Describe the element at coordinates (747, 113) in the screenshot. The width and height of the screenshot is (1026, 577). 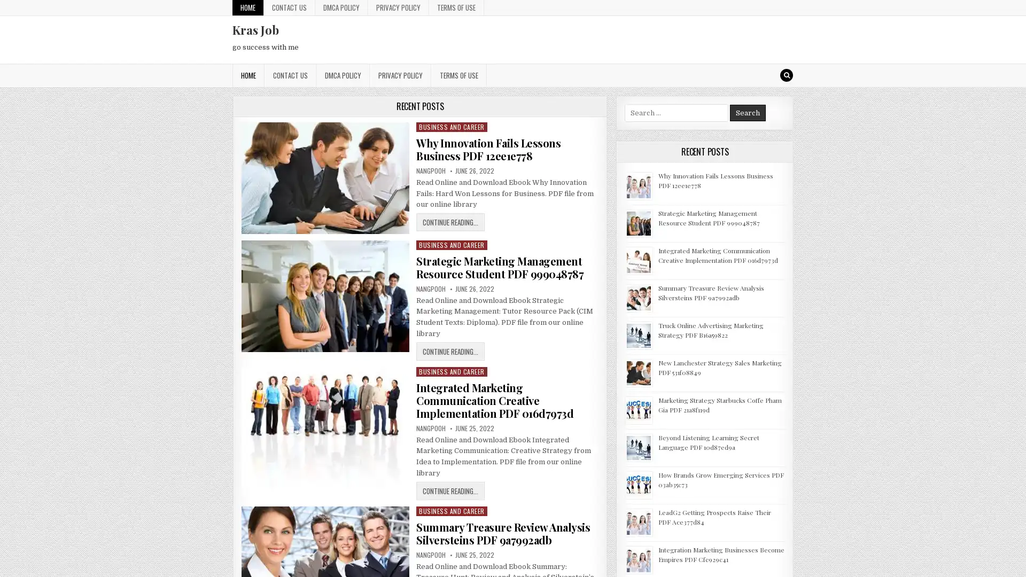
I see `Search` at that location.